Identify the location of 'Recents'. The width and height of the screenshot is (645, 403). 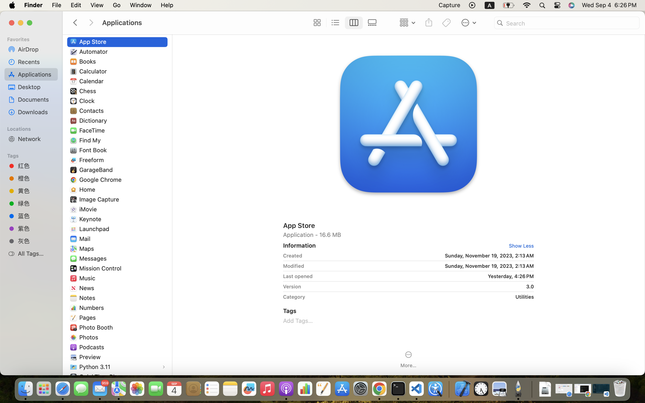
(36, 61).